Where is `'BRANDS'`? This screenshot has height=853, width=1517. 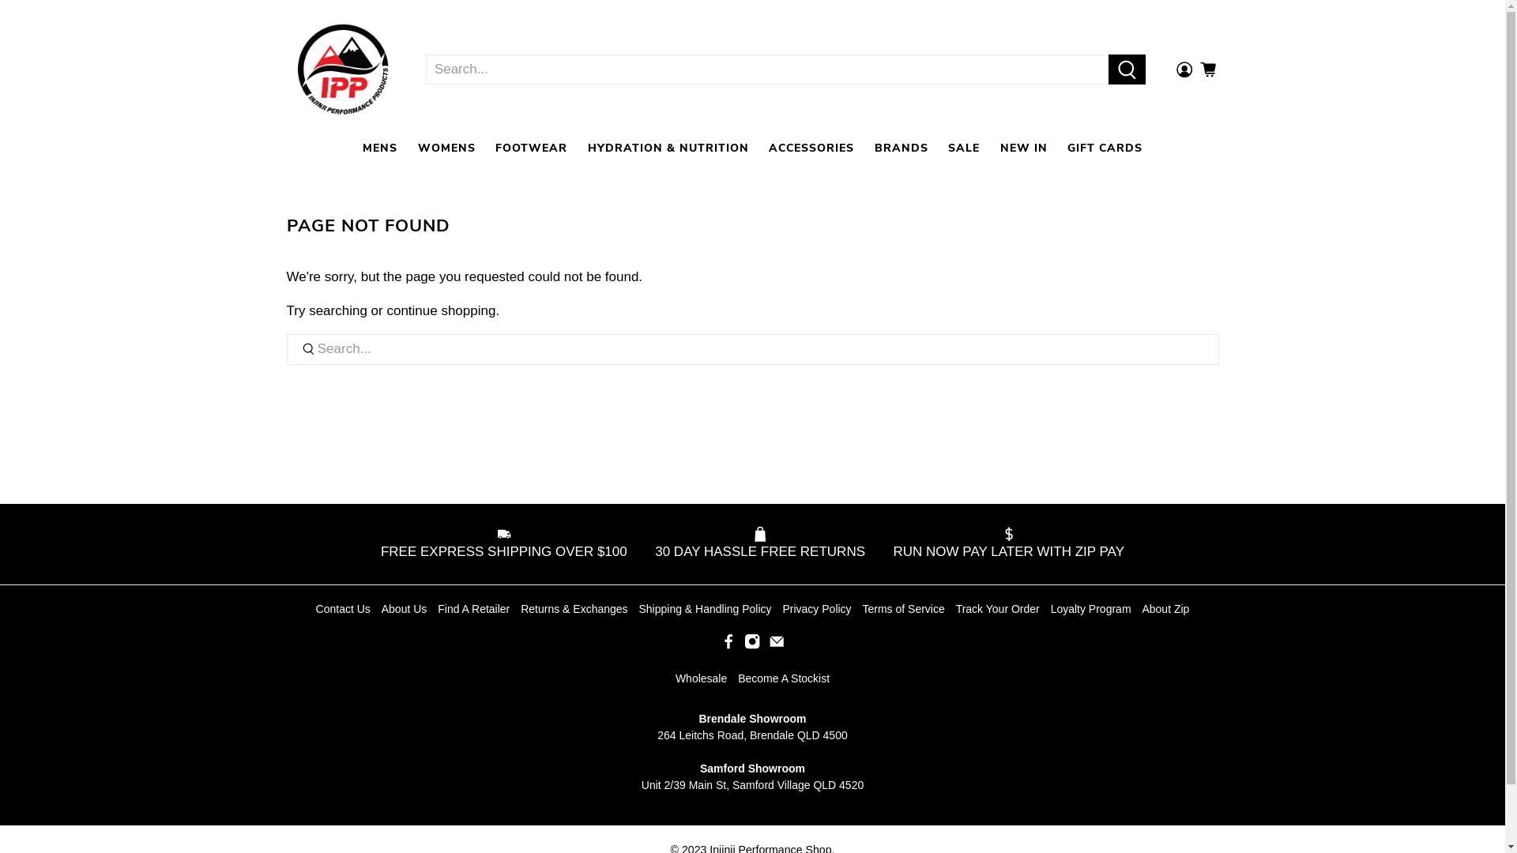
'BRANDS' is located at coordinates (902, 148).